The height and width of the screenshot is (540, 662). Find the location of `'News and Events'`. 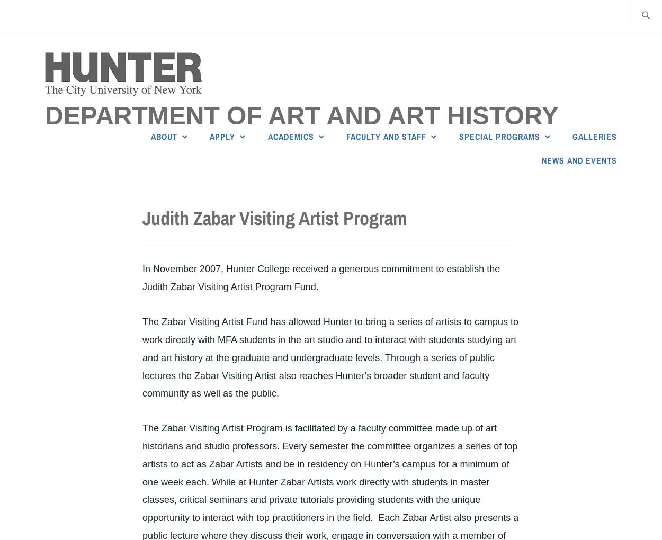

'News and Events' is located at coordinates (542, 160).